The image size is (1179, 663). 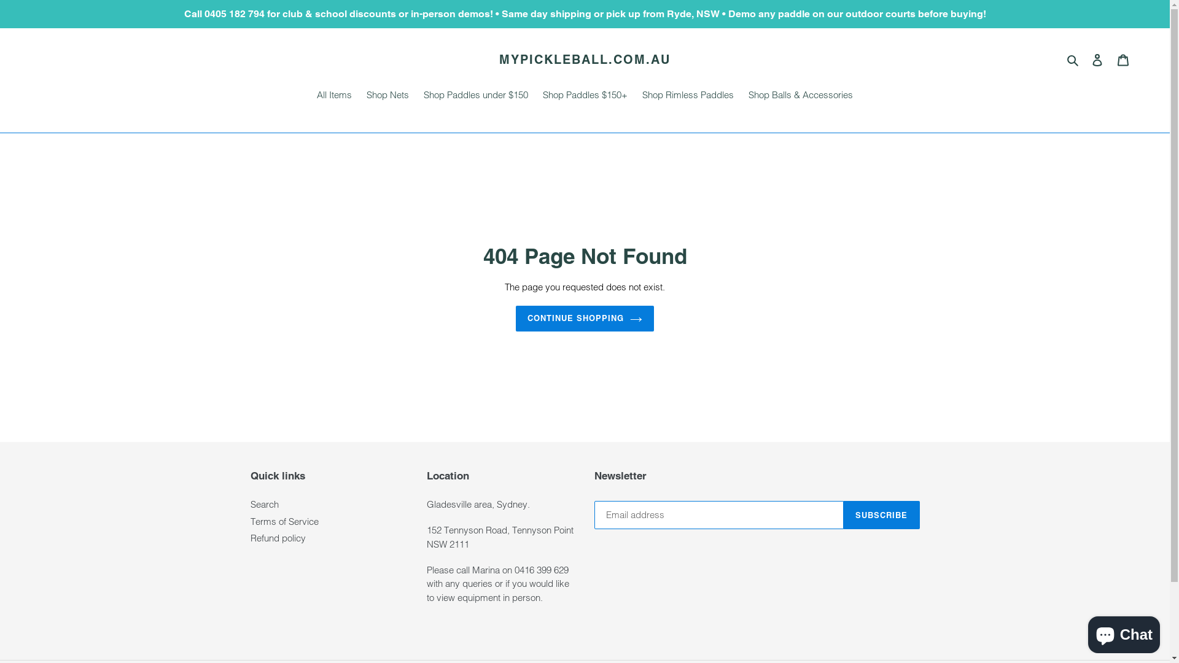 I want to click on 'CONTINUE SHOPPING', so click(x=585, y=318).